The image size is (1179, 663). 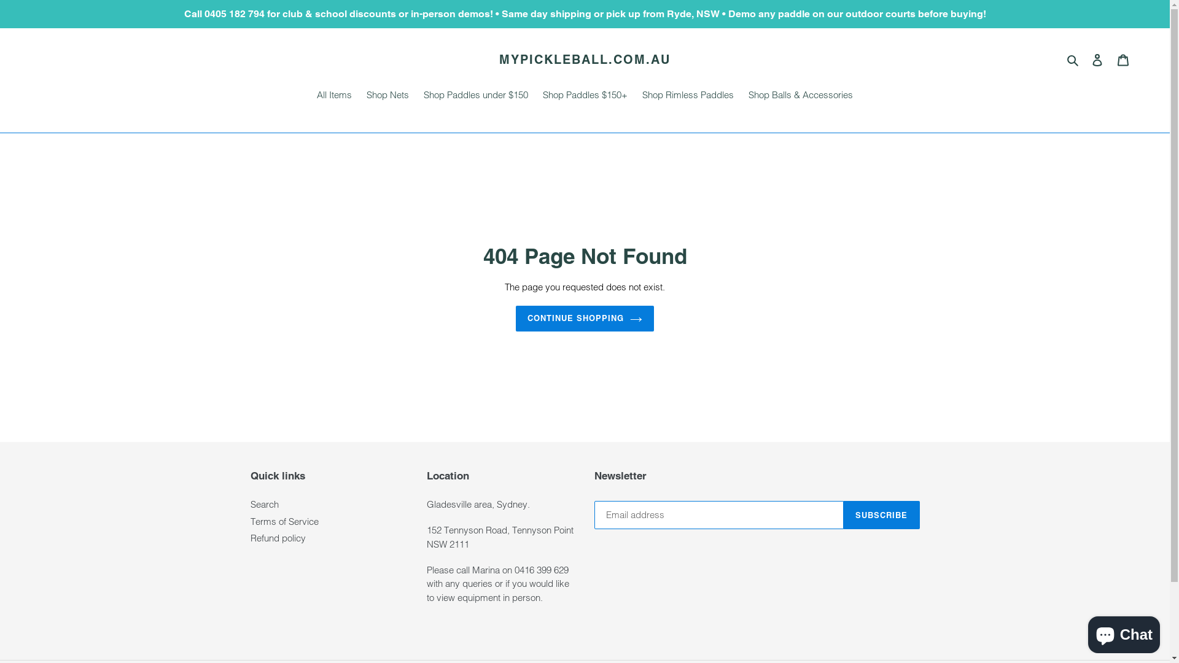 I want to click on 'CONTINUE SHOPPING', so click(x=585, y=318).